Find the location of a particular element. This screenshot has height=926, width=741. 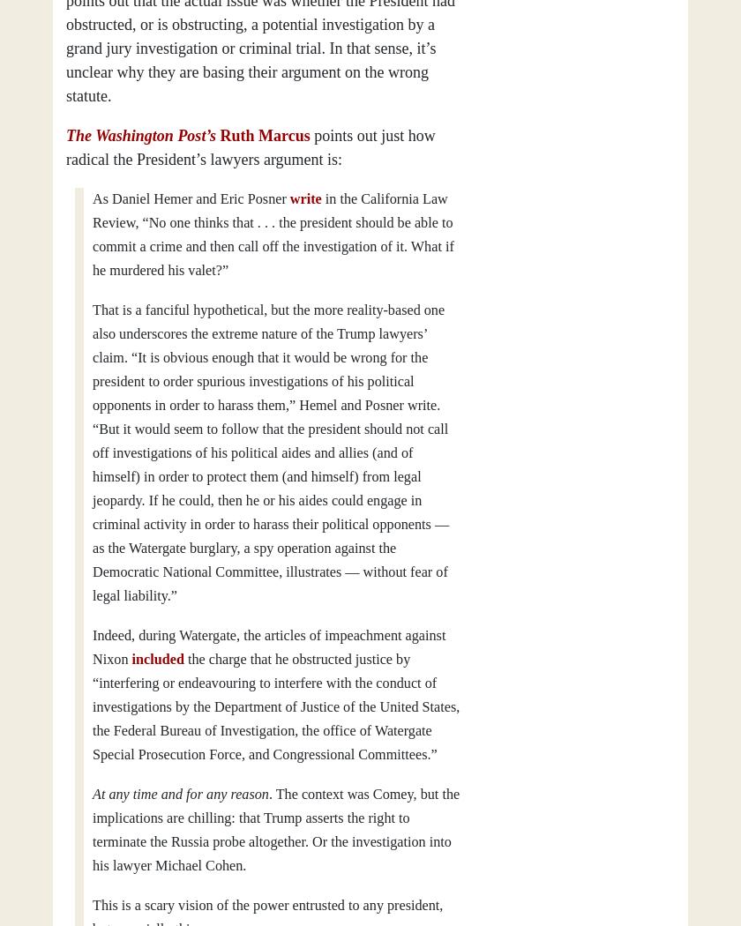

'That is a fanciful hypothetical, but the more reality-based one also underscores the extreme nature of the Trump lawyers’ claim. “It is obvious enough that it would be wrong for the president to order spurious investigations of his political opponents in order to harass them,” Hemel and Posner write. “But it would seem to follow that the president should not call off investigations of his political aides and allies (and of himself) in order to protect them (and himself) from legal jeopardy. If he could, then he or his aides could engage in criminal activity in order to harass their political opponents — as the Watergate burglary, a spy operation against the Democratic National Committee, illustrates — without fear of legal liability.”' is located at coordinates (271, 452).